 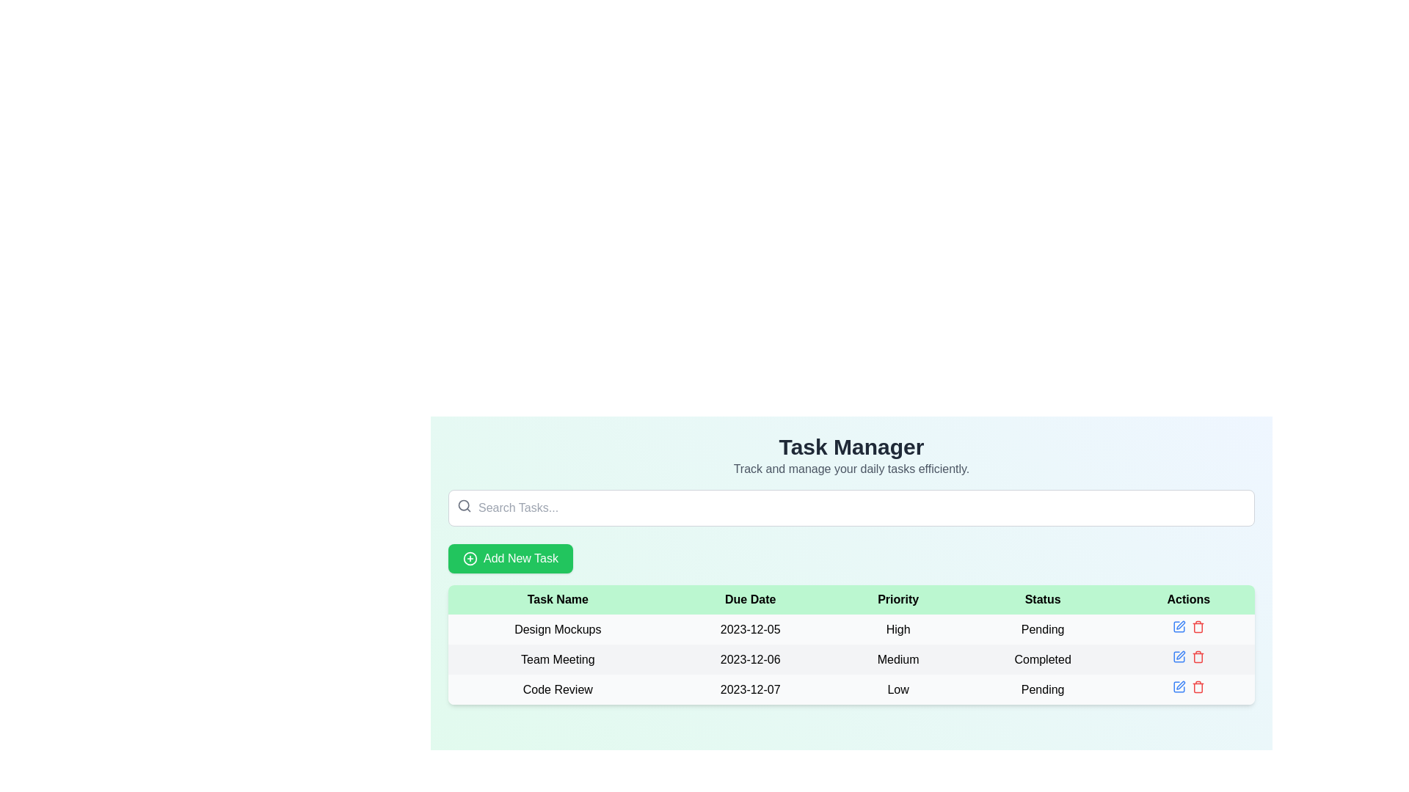 I want to click on the 'High' text label in the third column of the first row under the 'Priority' heading in the task table, so click(x=898, y=628).